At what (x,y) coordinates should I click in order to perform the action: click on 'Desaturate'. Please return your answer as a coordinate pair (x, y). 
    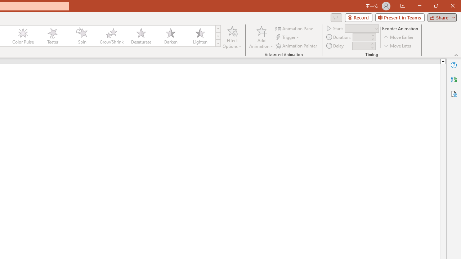
    Looking at the image, I should click on (141, 36).